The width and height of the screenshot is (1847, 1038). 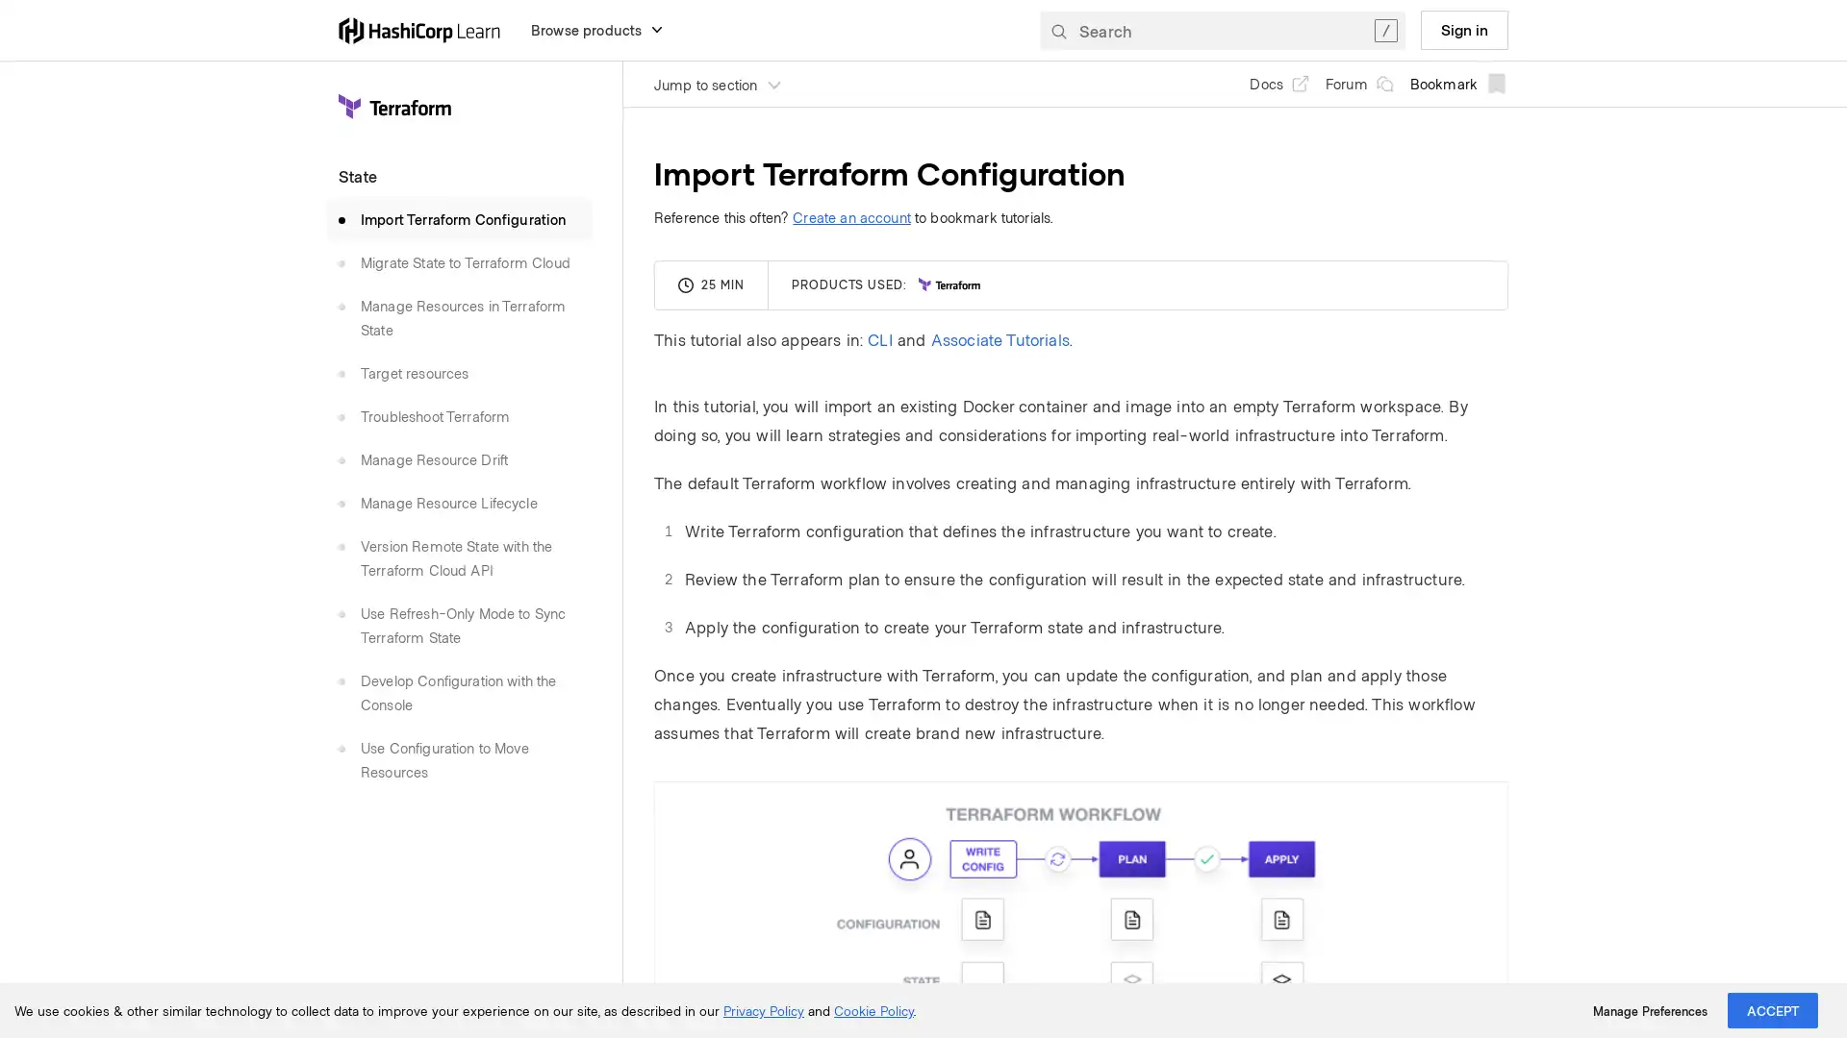 I want to click on Browse products, so click(x=596, y=29).